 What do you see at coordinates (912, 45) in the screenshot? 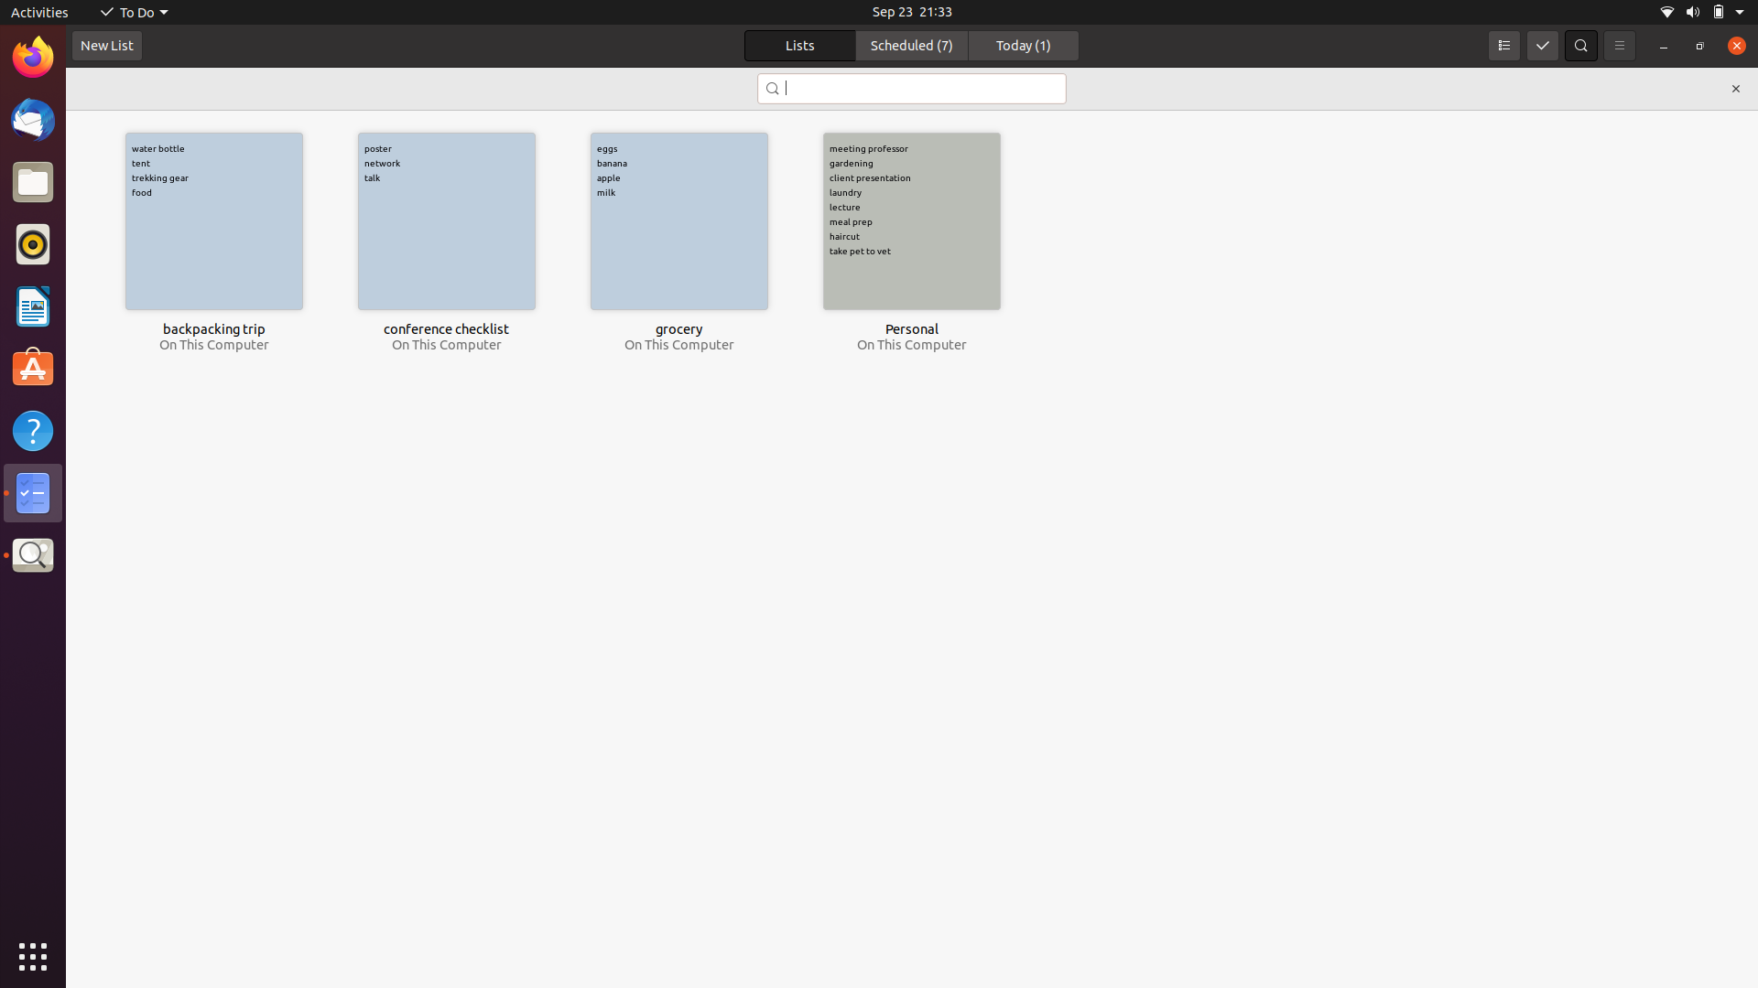
I see `the "Scheduled" option` at bounding box center [912, 45].